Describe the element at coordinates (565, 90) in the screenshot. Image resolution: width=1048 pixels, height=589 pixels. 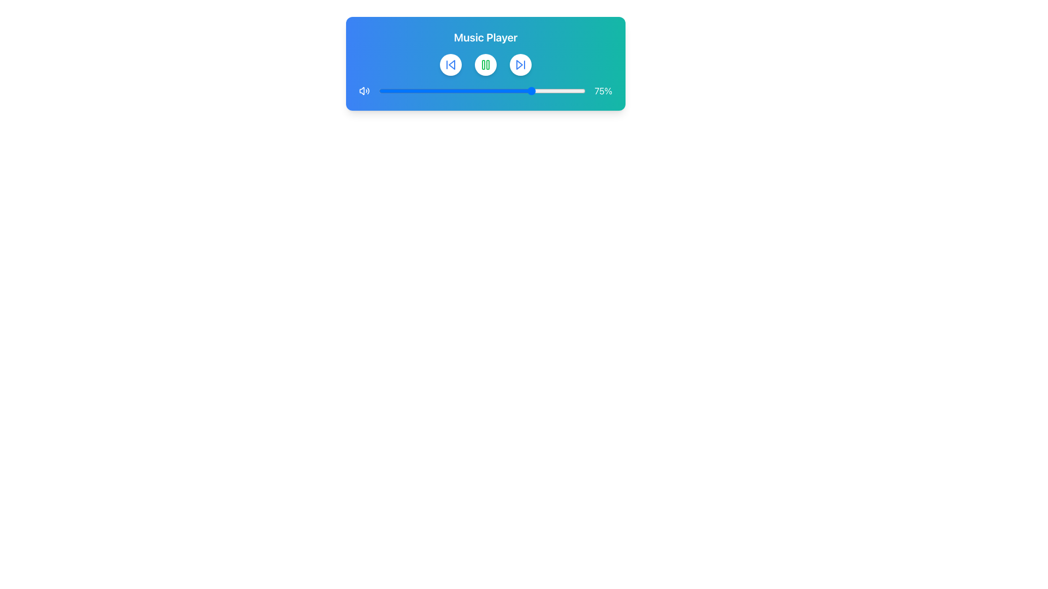
I see `the slider` at that location.